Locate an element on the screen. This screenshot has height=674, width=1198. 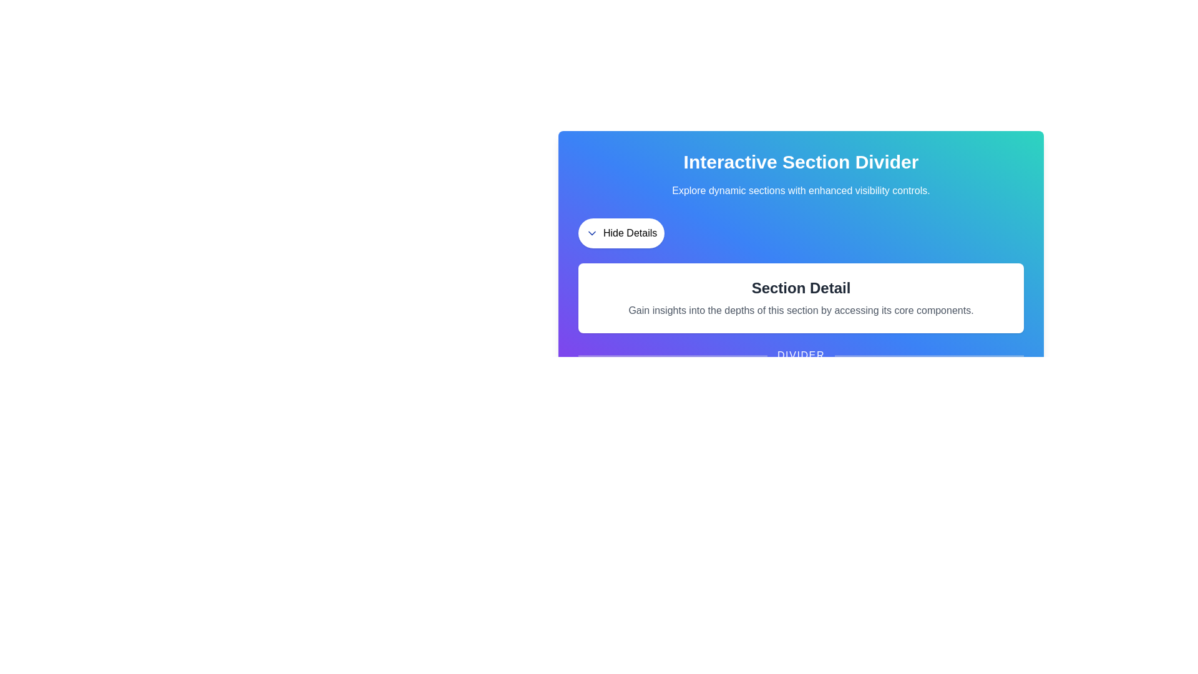
the paragraph styled with light gray font color located in the 'Section Detail' section, which reads: 'Gain insights into the depths of this section by accessing its core components.' is located at coordinates (801, 310).